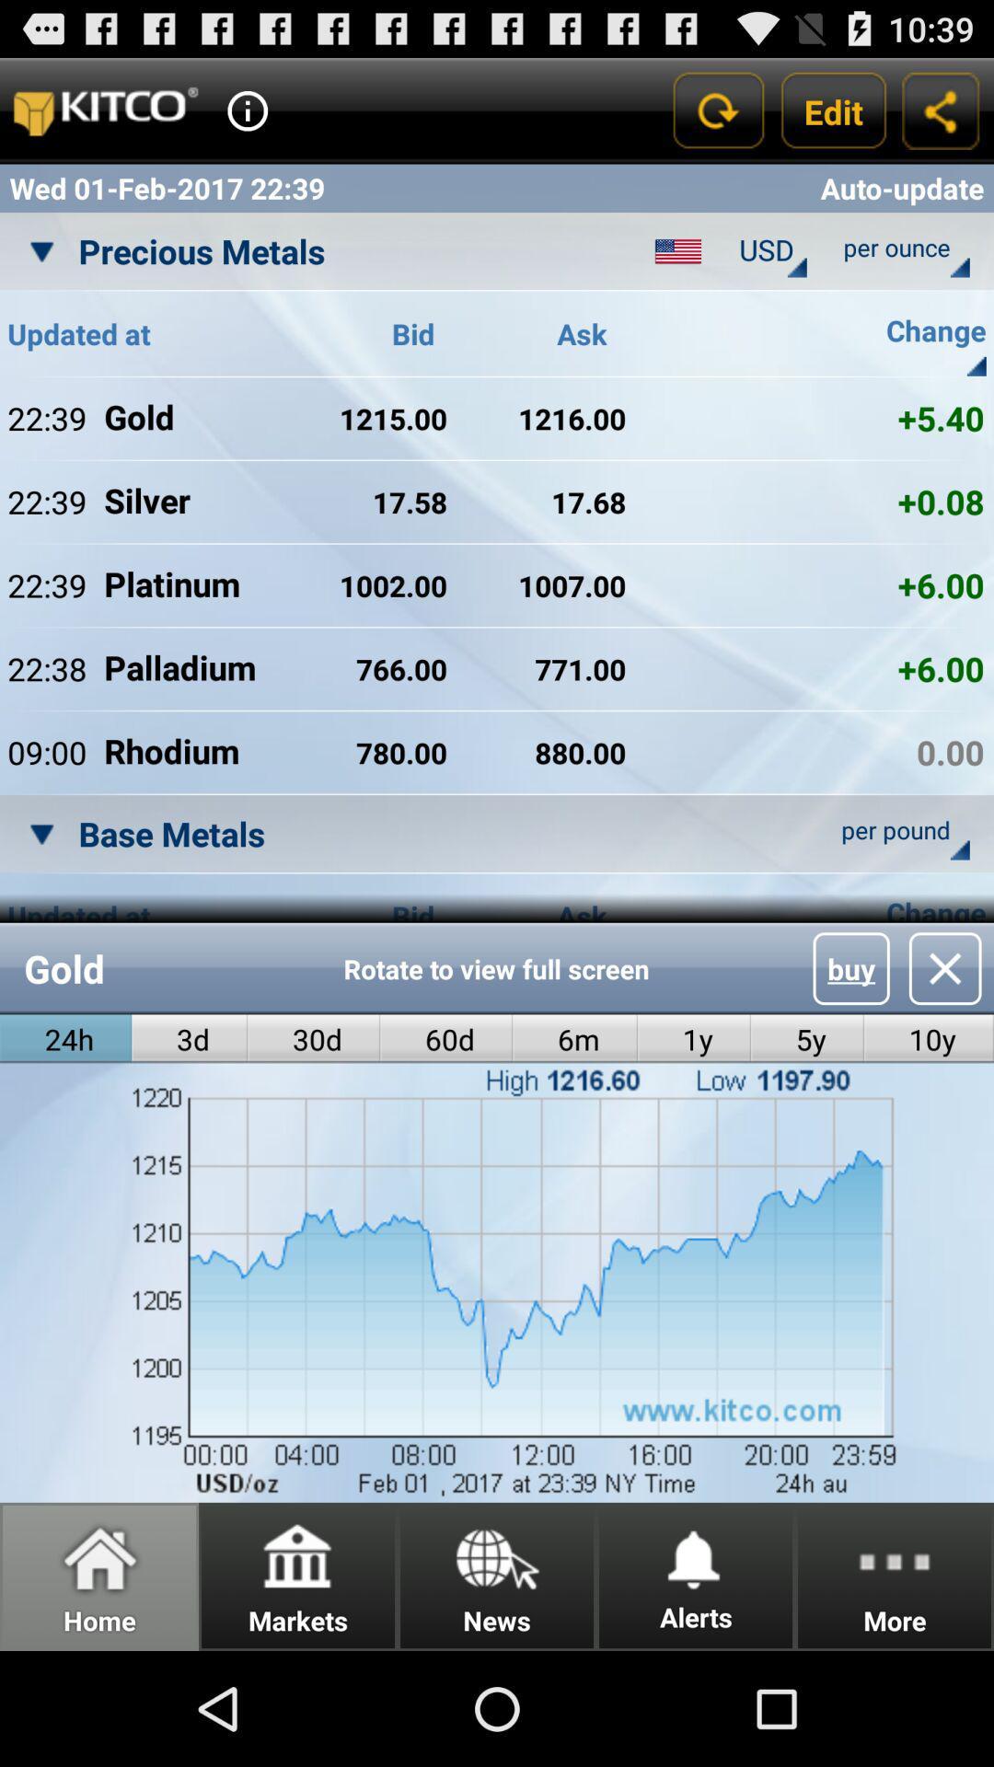  I want to click on window, so click(945, 967).